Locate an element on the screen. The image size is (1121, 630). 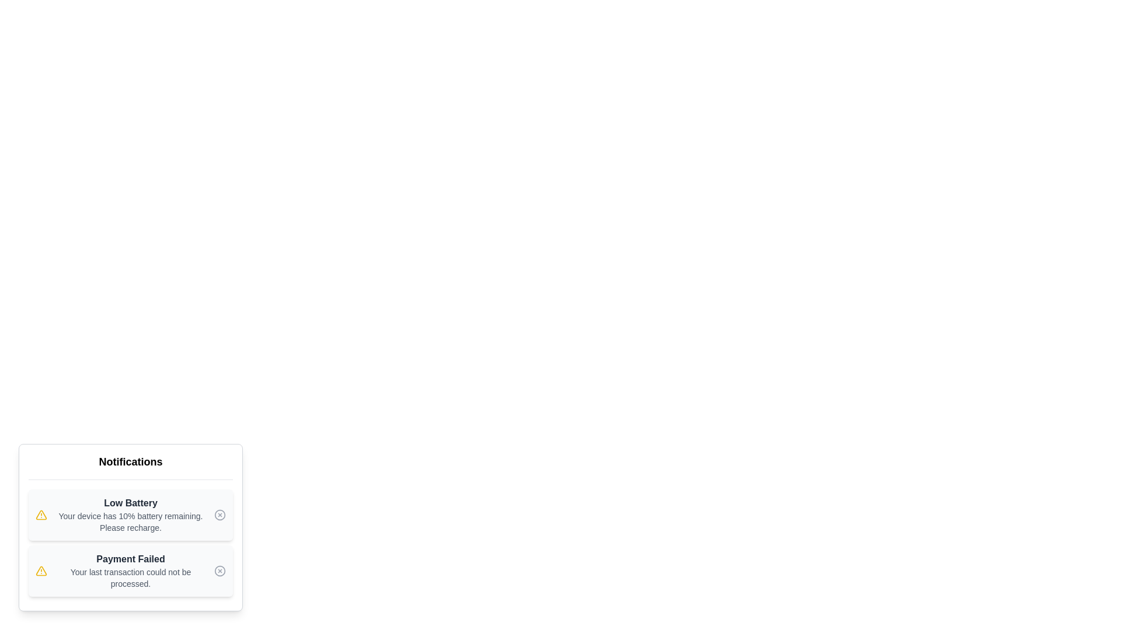
the warning icon indicating the 'Payment Failed' message, which is positioned to the left of the message under the 'Notifications' group is located at coordinates (41, 570).